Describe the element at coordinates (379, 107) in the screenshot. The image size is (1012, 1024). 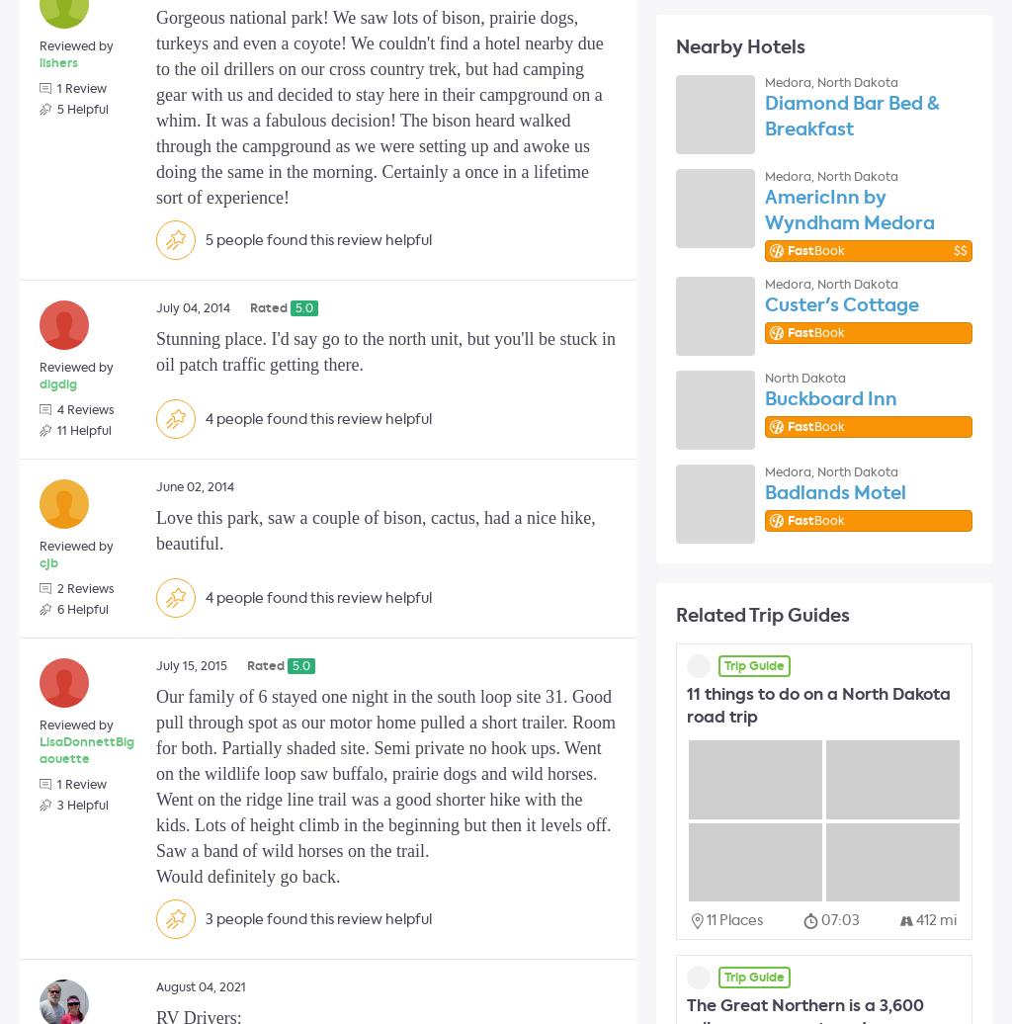
I see `'Gorgeous national park! We saw lots of bison, prairie dogs, turkeys and even a coyote! We couldn't find a hotel nearby due to the oil drillers on our cross country trek, but had camping gear with us and decided to stay here in their campground on a whim.  It was a fabulous decision!  The bison heard walked through the campground as we were setting up and awoke us doing the same in the morning.  Certainly a once in a lifetime sort of experience!'` at that location.